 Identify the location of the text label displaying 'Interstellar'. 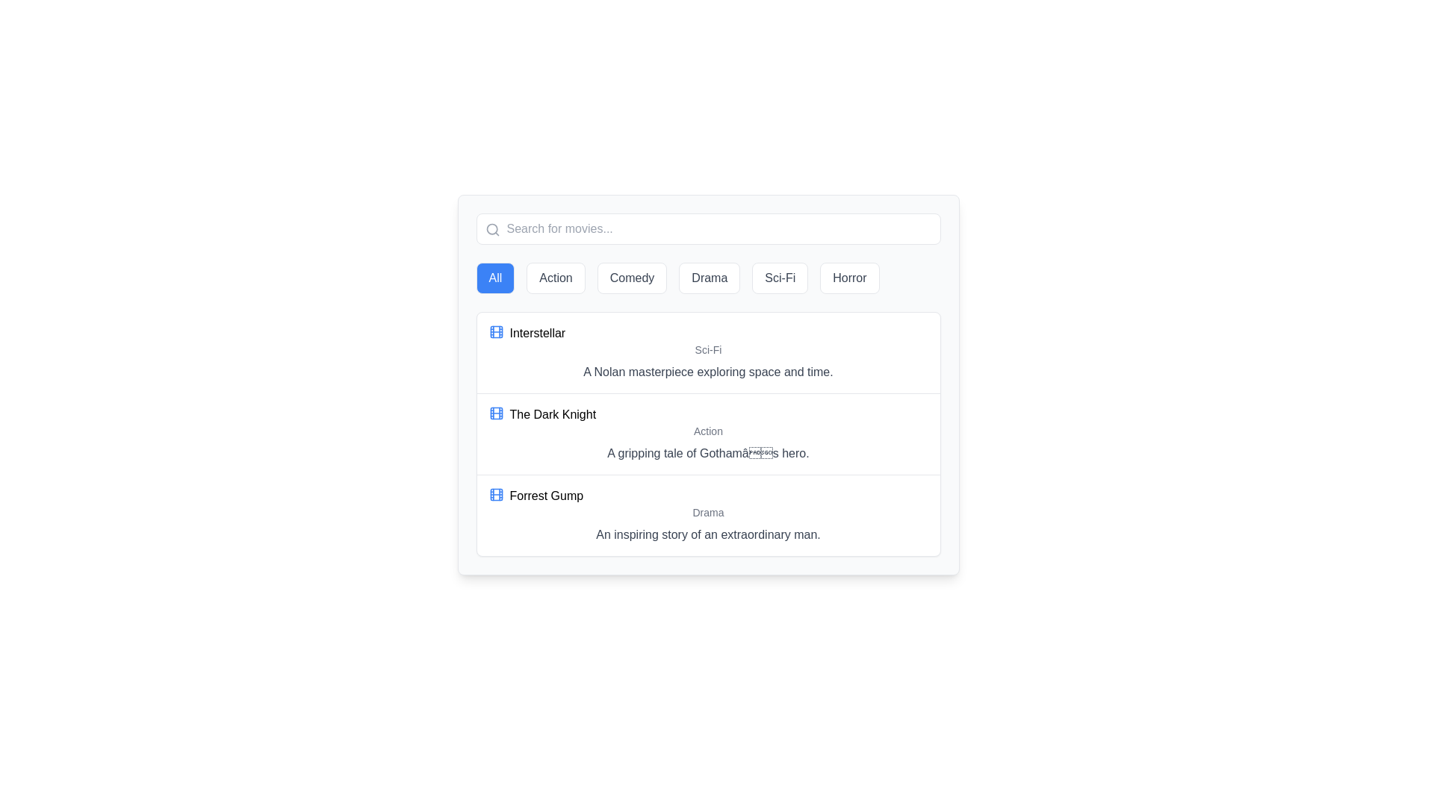
(537, 333).